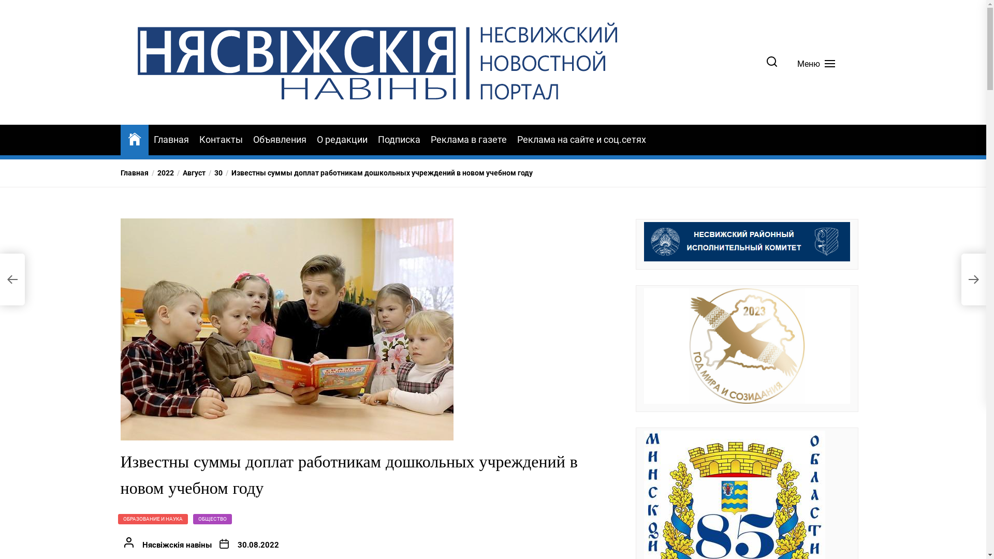  What do you see at coordinates (213, 172) in the screenshot?
I see `'30'` at bounding box center [213, 172].